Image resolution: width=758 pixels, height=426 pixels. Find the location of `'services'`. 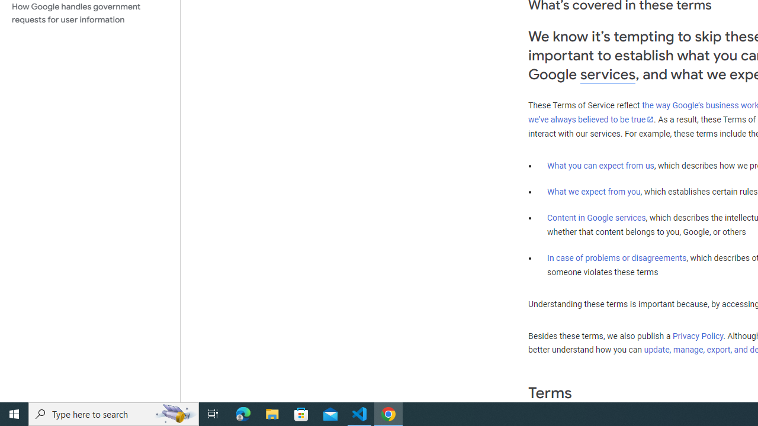

'services' is located at coordinates (608, 74).